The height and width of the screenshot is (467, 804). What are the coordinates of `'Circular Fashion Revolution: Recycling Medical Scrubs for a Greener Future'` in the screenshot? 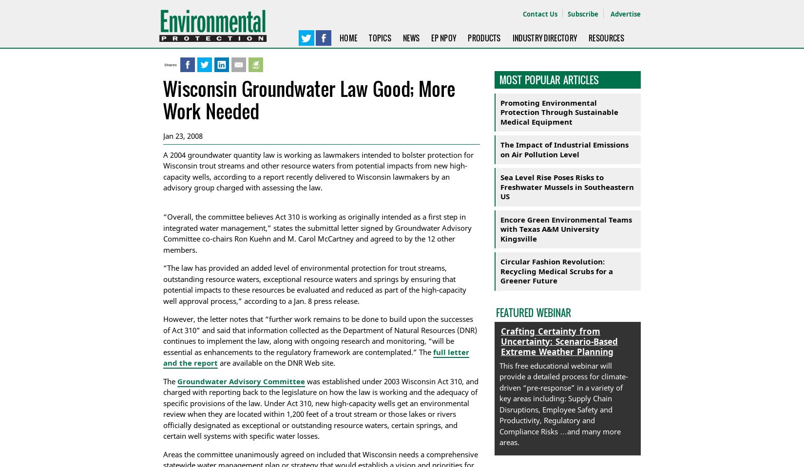 It's located at (556, 270).